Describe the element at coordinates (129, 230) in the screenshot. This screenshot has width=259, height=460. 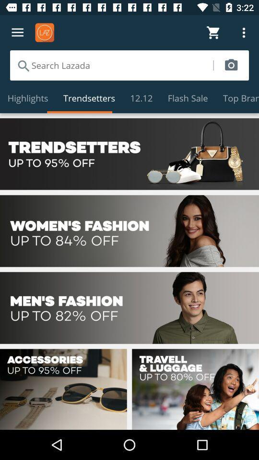
I see `see discounts in women 's fashion` at that location.